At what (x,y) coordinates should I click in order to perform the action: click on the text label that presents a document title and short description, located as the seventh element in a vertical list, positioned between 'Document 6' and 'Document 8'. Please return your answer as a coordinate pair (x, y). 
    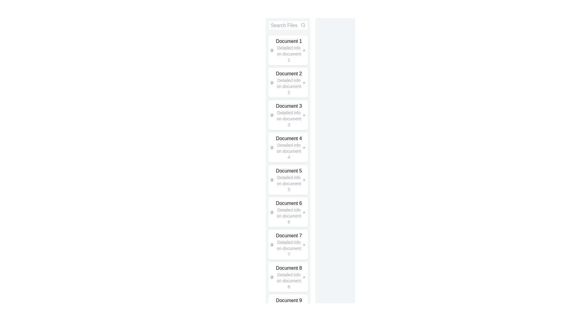
    Looking at the image, I should click on (289, 245).